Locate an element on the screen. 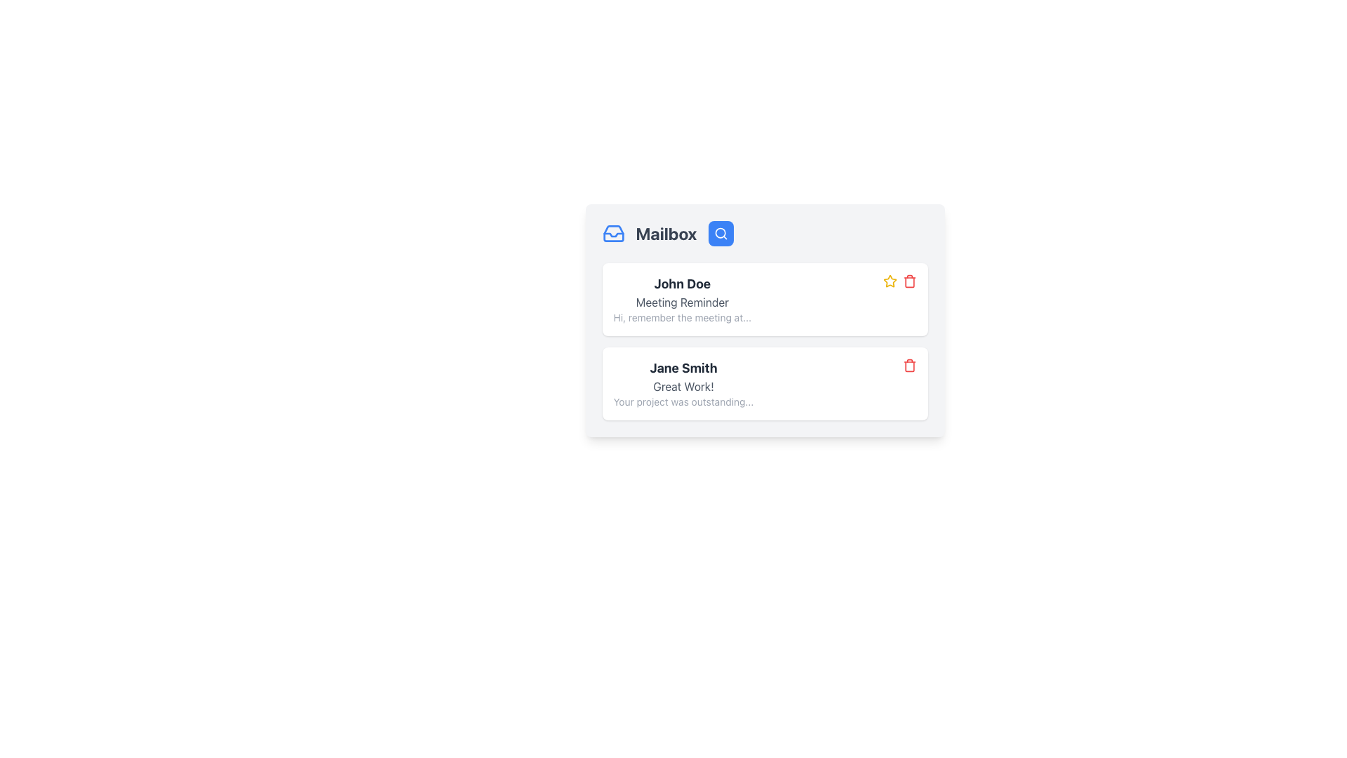 Image resolution: width=1347 pixels, height=758 pixels. the static text label indicating 'Mailbox', which is located between a blue mailbox icon and a circular search icon in the header bar is located at coordinates (666, 232).